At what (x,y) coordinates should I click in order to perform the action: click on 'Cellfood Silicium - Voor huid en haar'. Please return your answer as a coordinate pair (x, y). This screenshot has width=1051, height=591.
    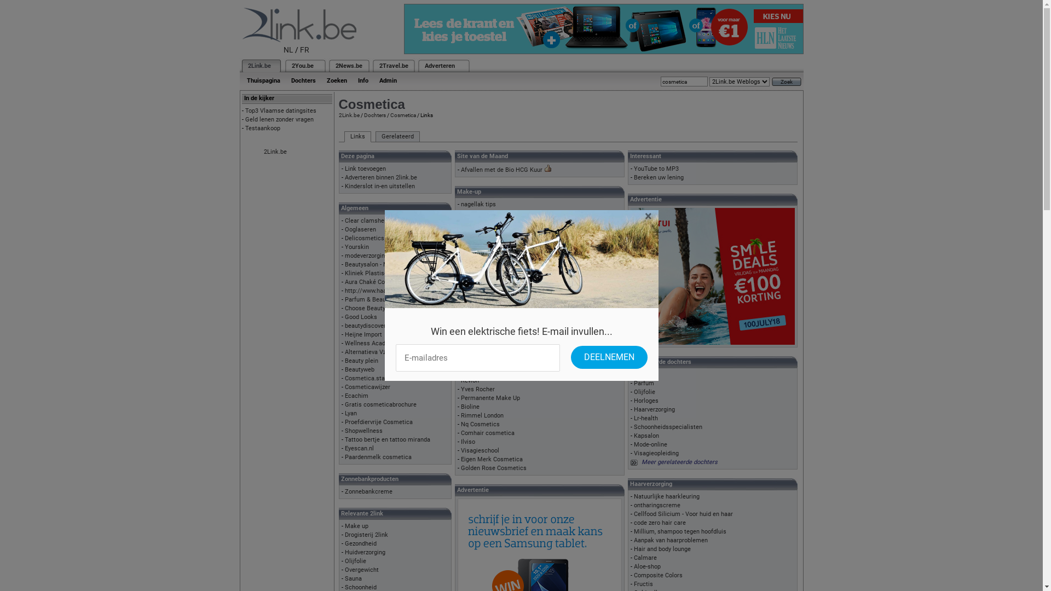
    Looking at the image, I should click on (633, 514).